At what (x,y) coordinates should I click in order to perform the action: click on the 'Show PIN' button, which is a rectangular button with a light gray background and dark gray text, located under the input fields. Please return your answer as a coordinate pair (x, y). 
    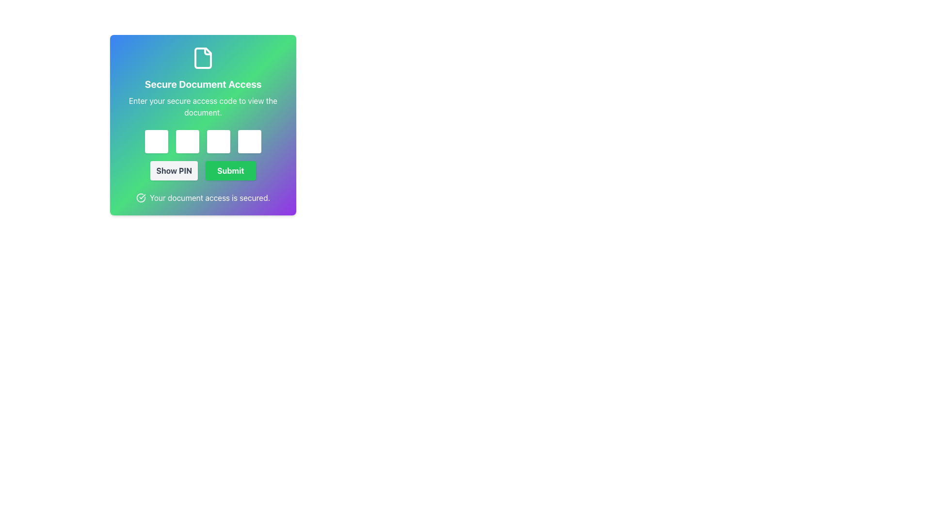
    Looking at the image, I should click on (174, 170).